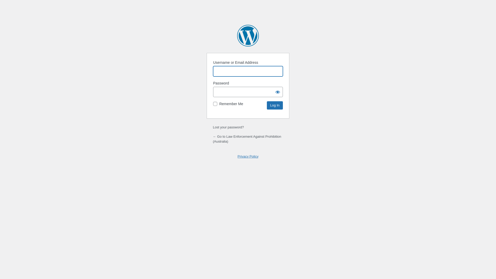 This screenshot has width=496, height=279. What do you see at coordinates (248, 156) in the screenshot?
I see `'Privacy Policy'` at bounding box center [248, 156].